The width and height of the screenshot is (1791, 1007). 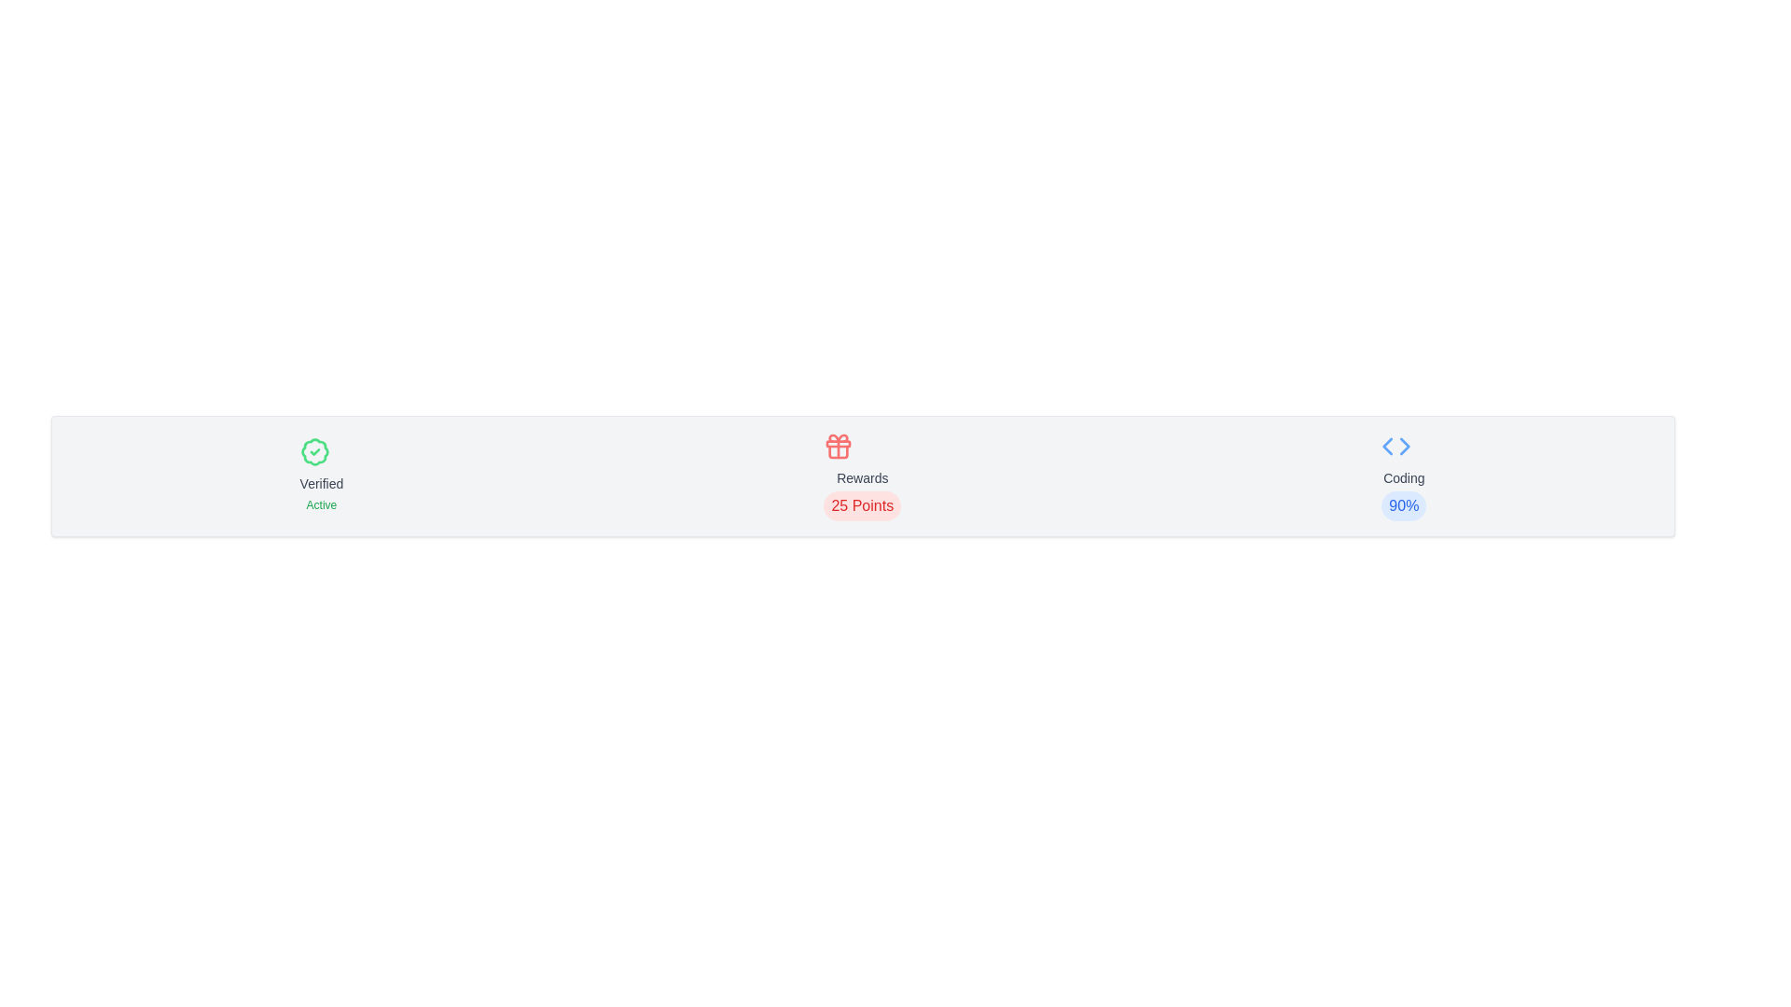 What do you see at coordinates (1404, 506) in the screenshot?
I see `status indicator text label displaying the completion or performance percentage related to 'Coding', located in the lower-central region of the rightmost panel segment` at bounding box center [1404, 506].